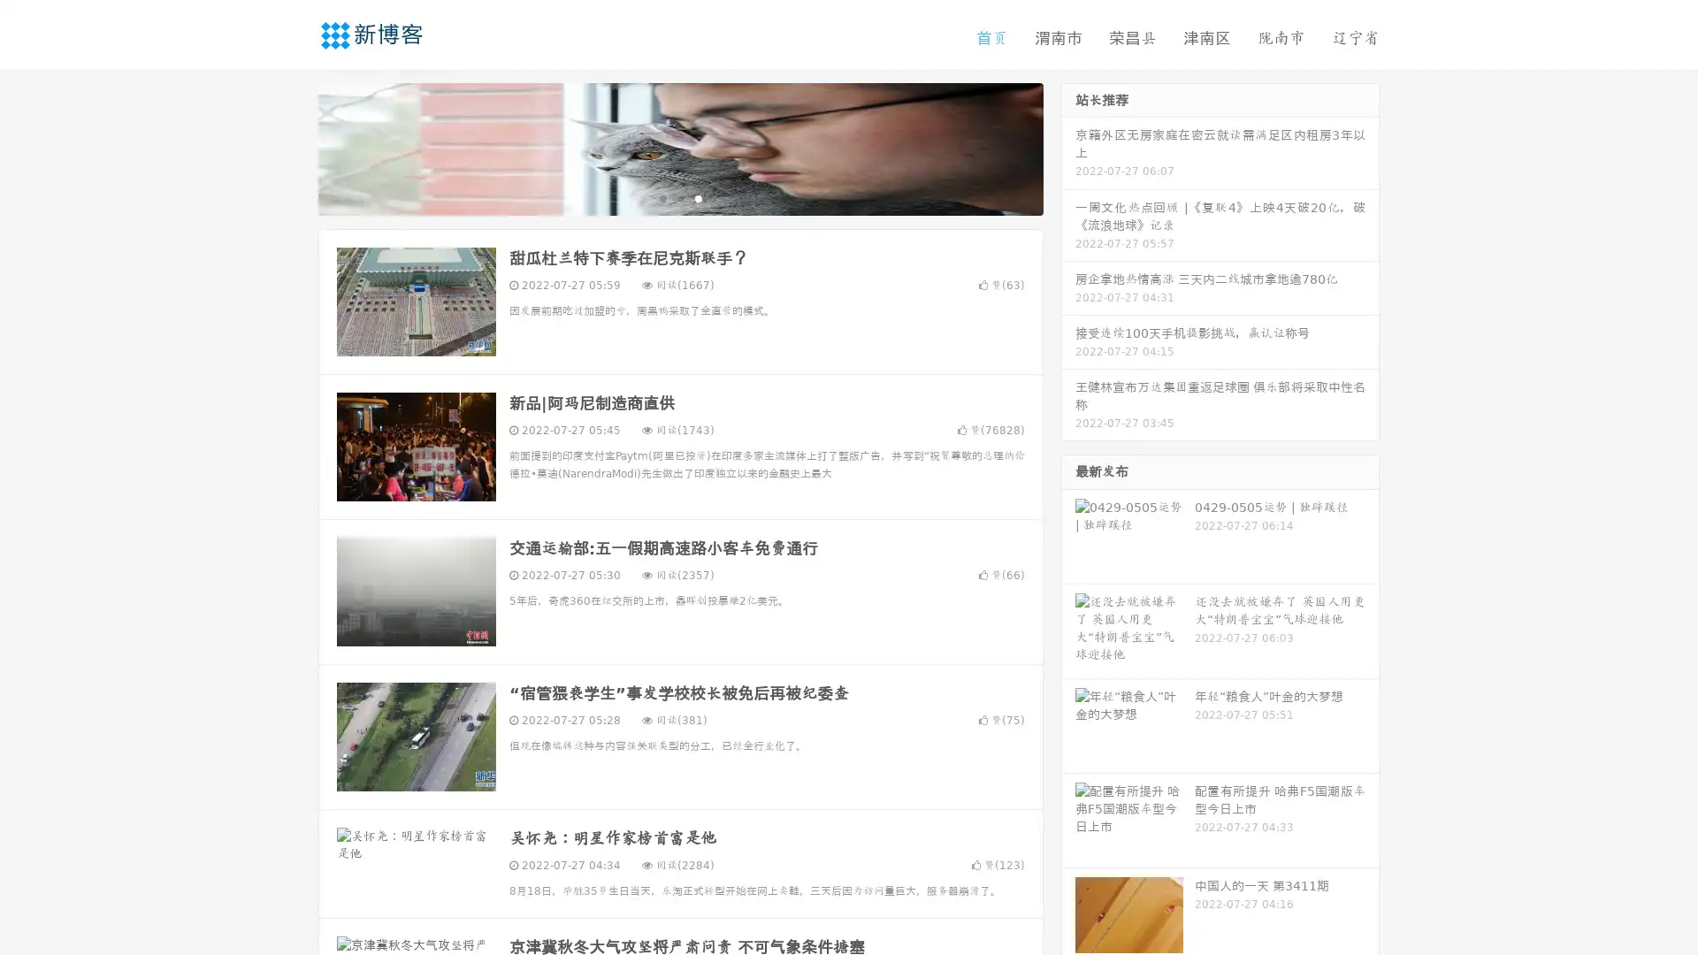 The height and width of the screenshot is (955, 1698). I want to click on Previous slide, so click(292, 149).